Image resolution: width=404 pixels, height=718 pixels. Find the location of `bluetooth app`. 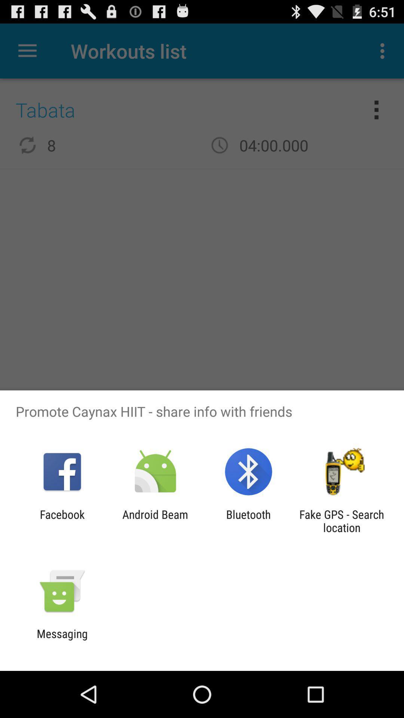

bluetooth app is located at coordinates (248, 521).